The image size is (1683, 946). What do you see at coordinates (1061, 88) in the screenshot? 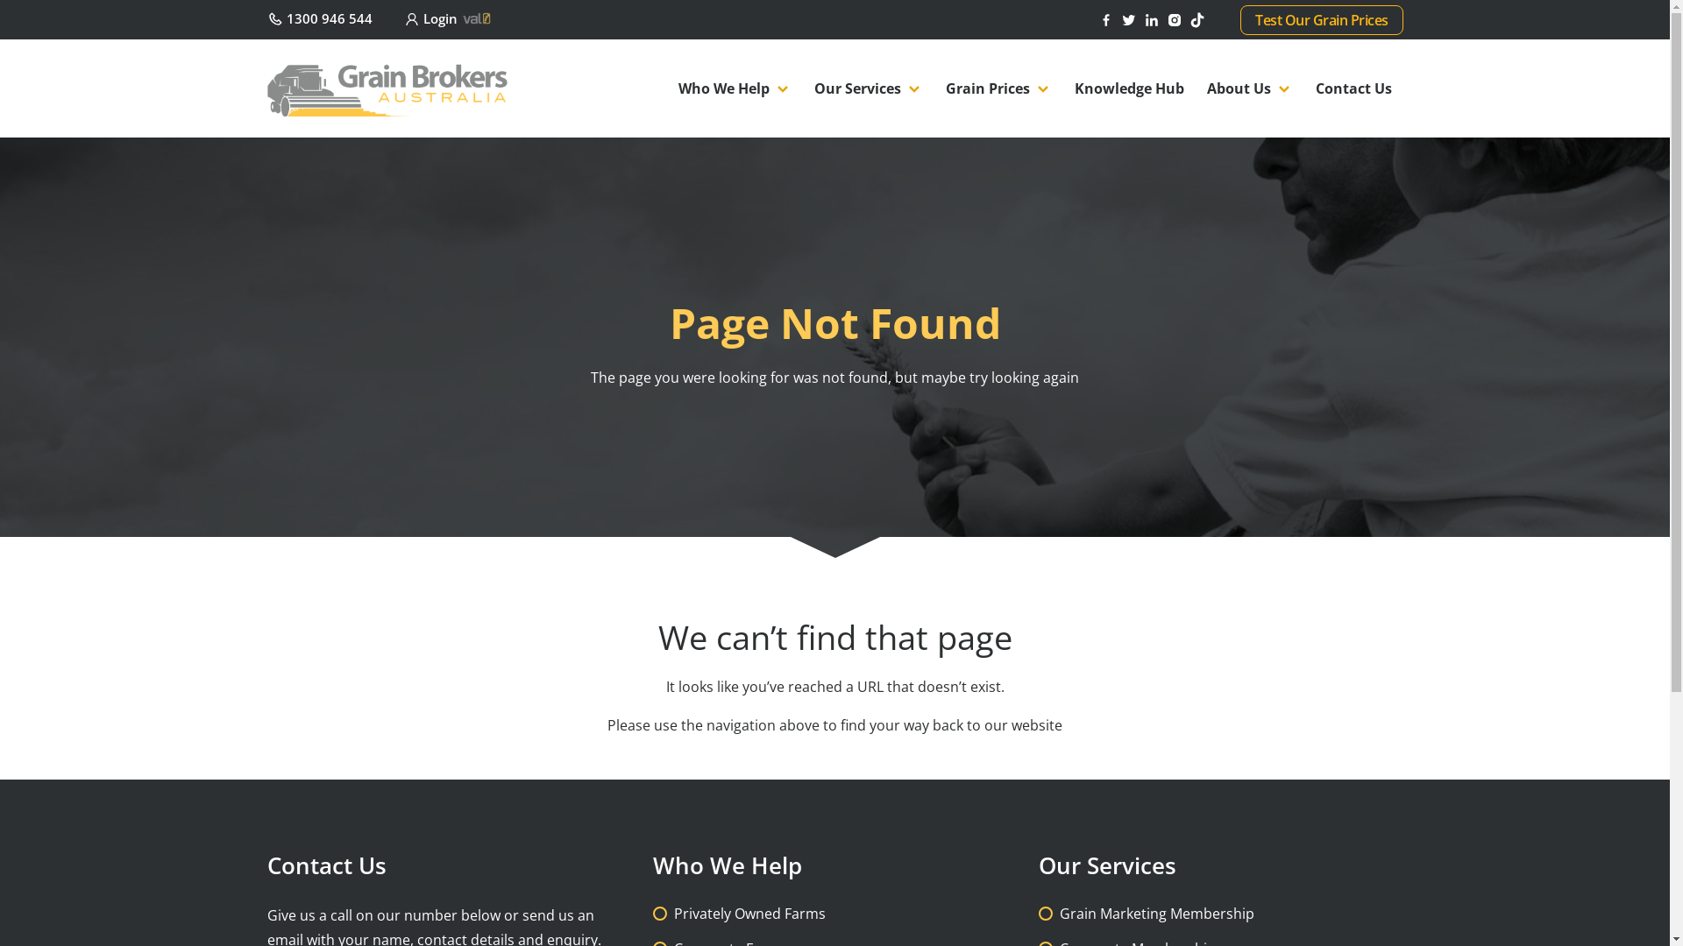
I see `'Knowledge Hub'` at bounding box center [1061, 88].